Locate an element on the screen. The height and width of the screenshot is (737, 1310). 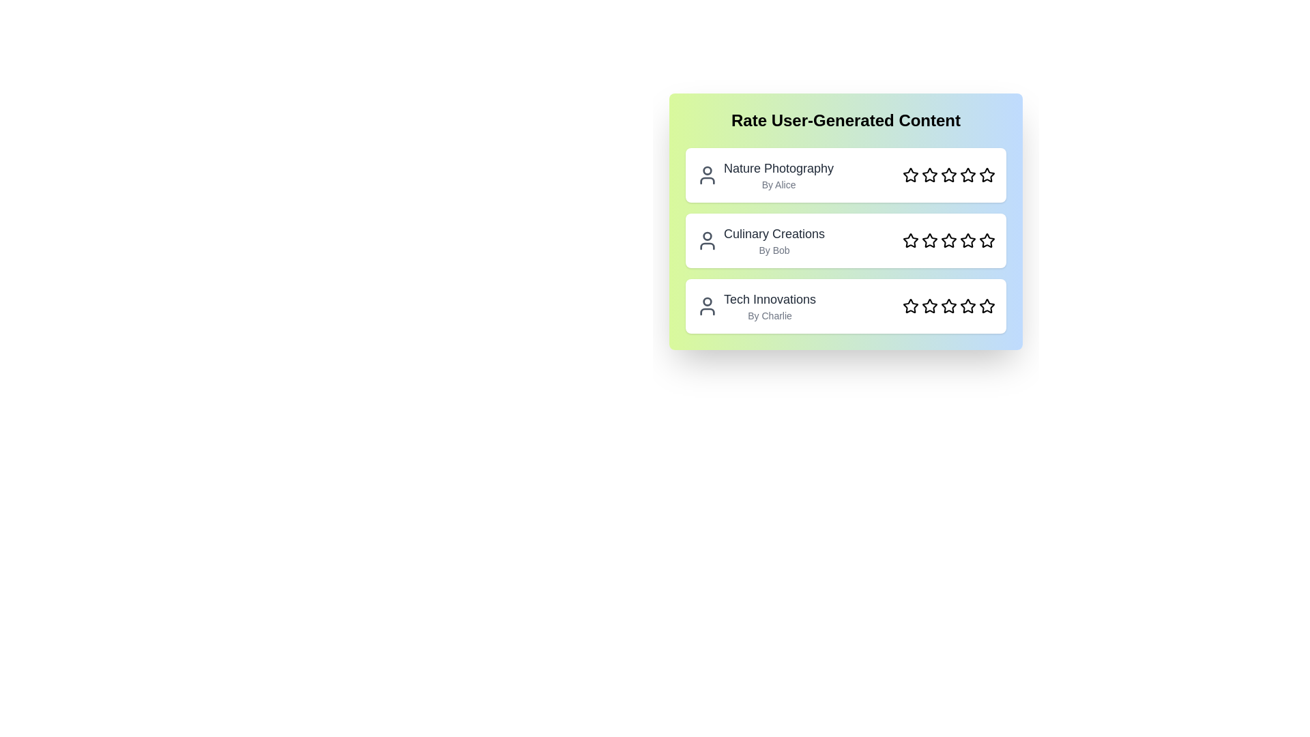
the star corresponding to the rating 3 for the content Tech Innovations is located at coordinates (948, 305).